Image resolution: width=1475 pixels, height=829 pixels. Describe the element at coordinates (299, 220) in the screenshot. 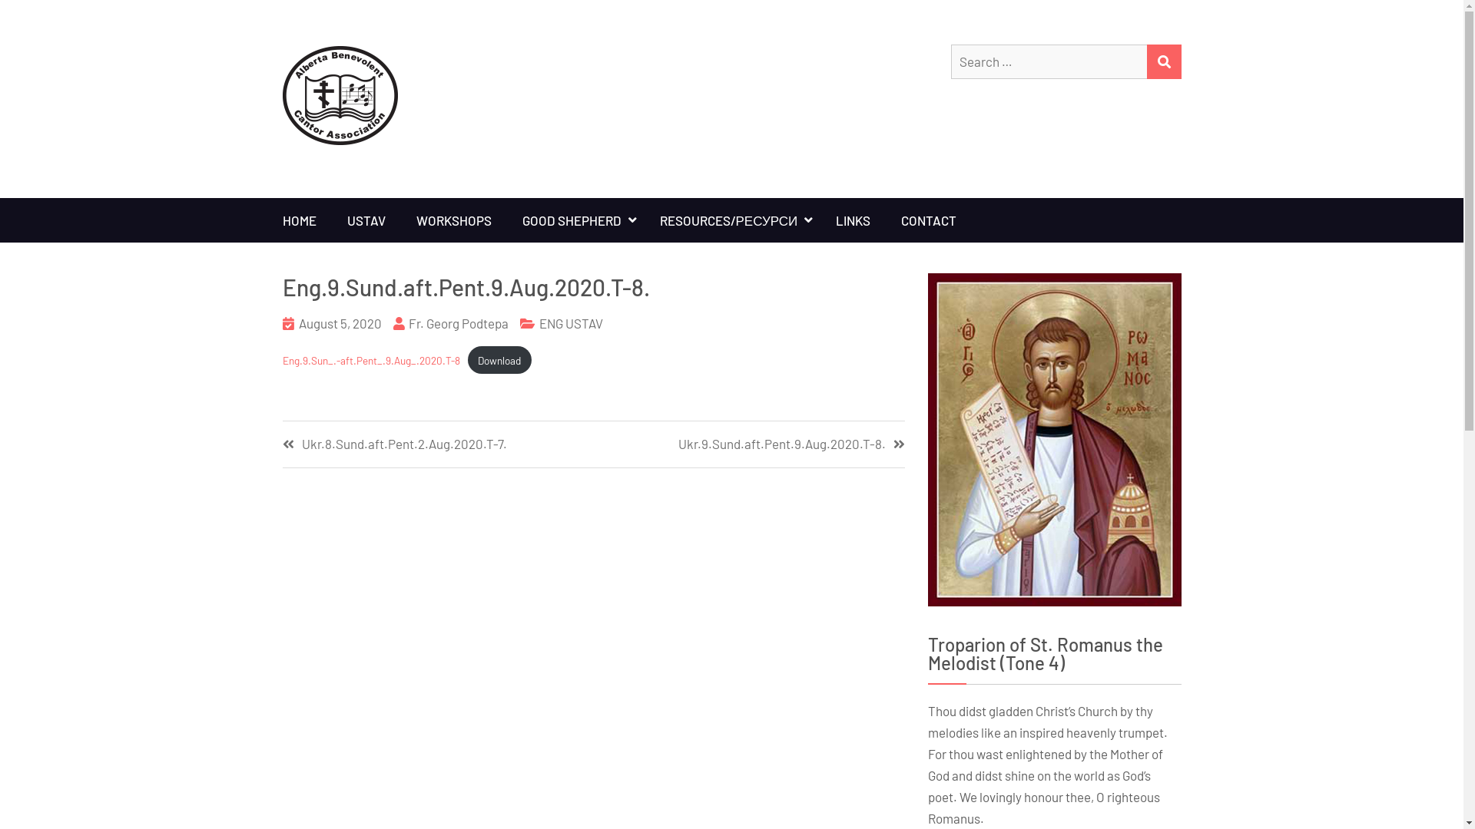

I see `'HOME'` at that location.